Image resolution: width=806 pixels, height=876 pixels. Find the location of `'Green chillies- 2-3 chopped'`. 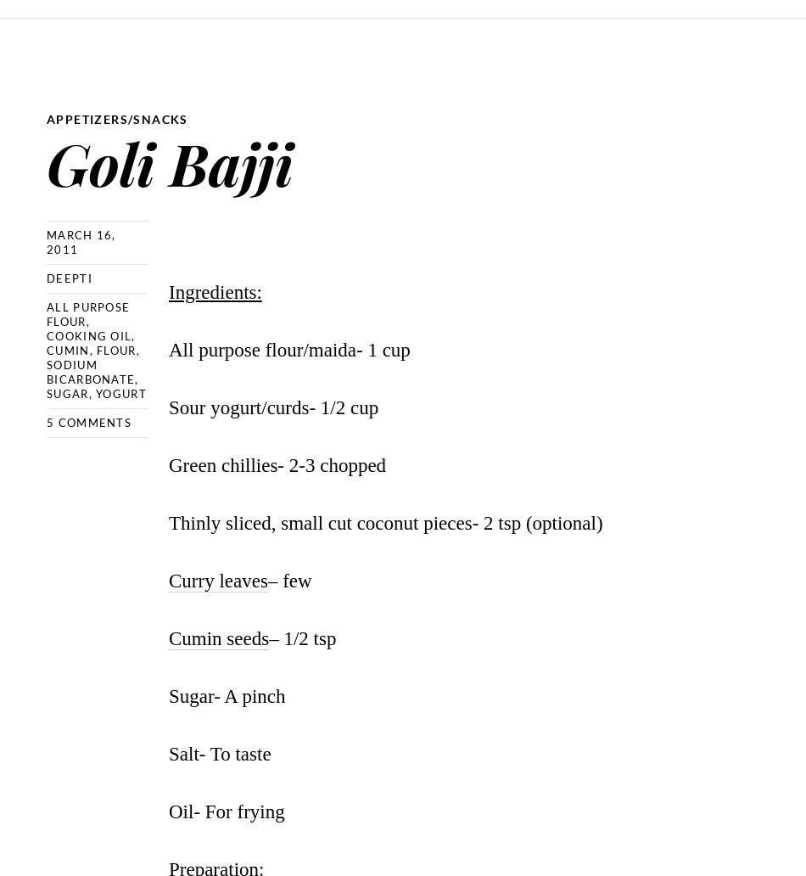

'Green chillies- 2-3 chopped' is located at coordinates (276, 465).